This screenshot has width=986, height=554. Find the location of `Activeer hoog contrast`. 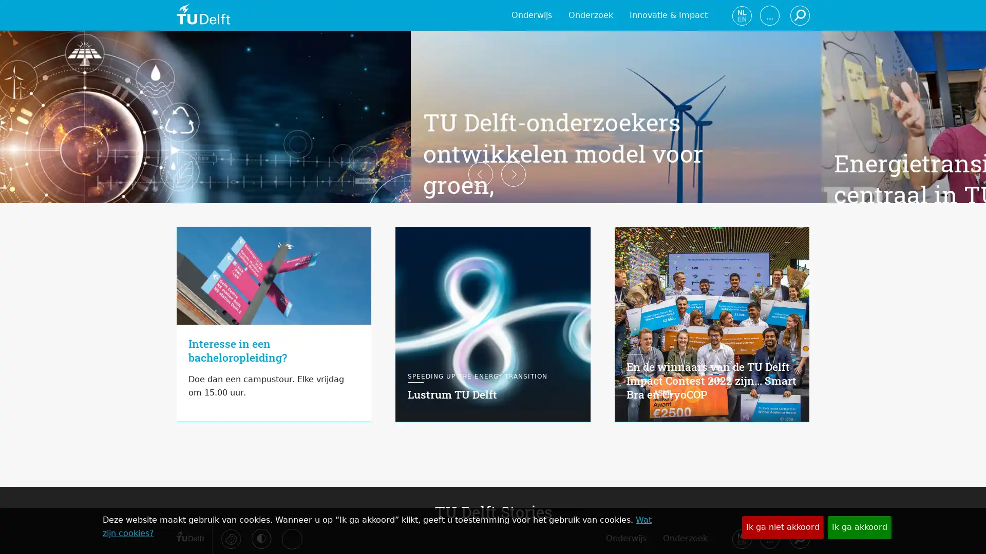

Activeer hoog contrast is located at coordinates (261, 538).